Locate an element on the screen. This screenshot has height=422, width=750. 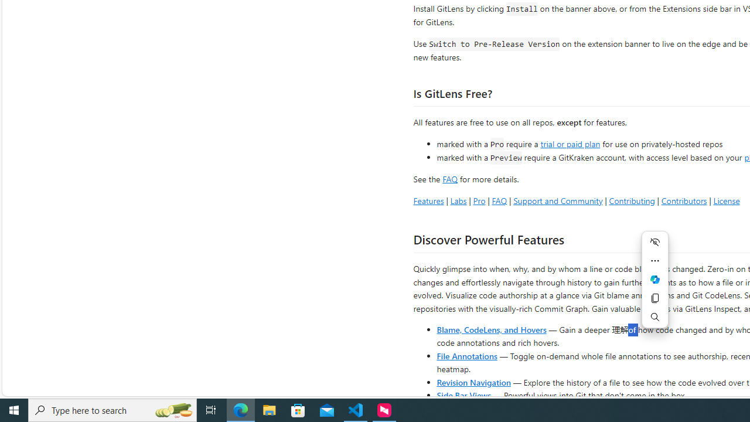
'More actions' is located at coordinates (654, 260).